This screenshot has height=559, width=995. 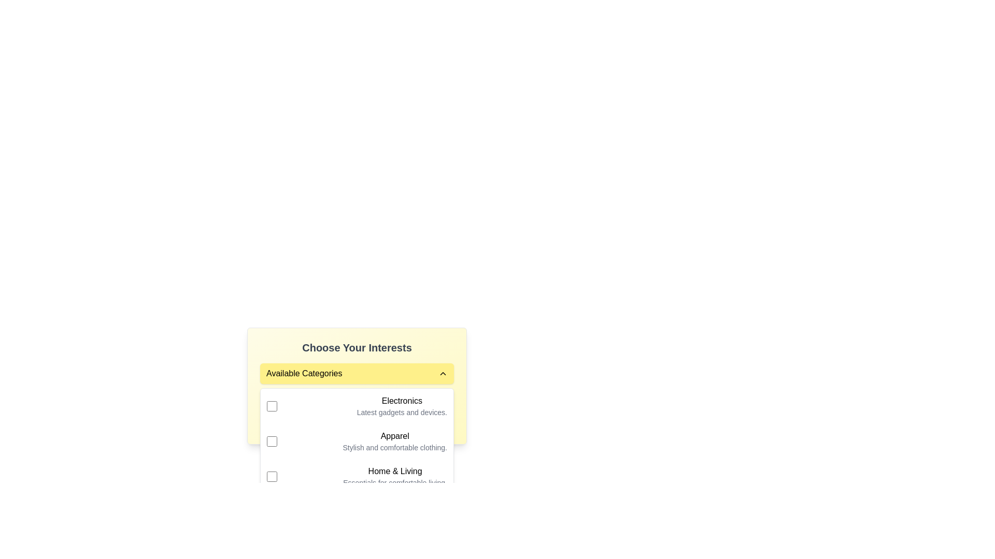 I want to click on the text label displaying 'Latest gadgets and devices.' which provides additional information under the 'Electronics' heading in the 'Available Categories' section, so click(x=401, y=412).